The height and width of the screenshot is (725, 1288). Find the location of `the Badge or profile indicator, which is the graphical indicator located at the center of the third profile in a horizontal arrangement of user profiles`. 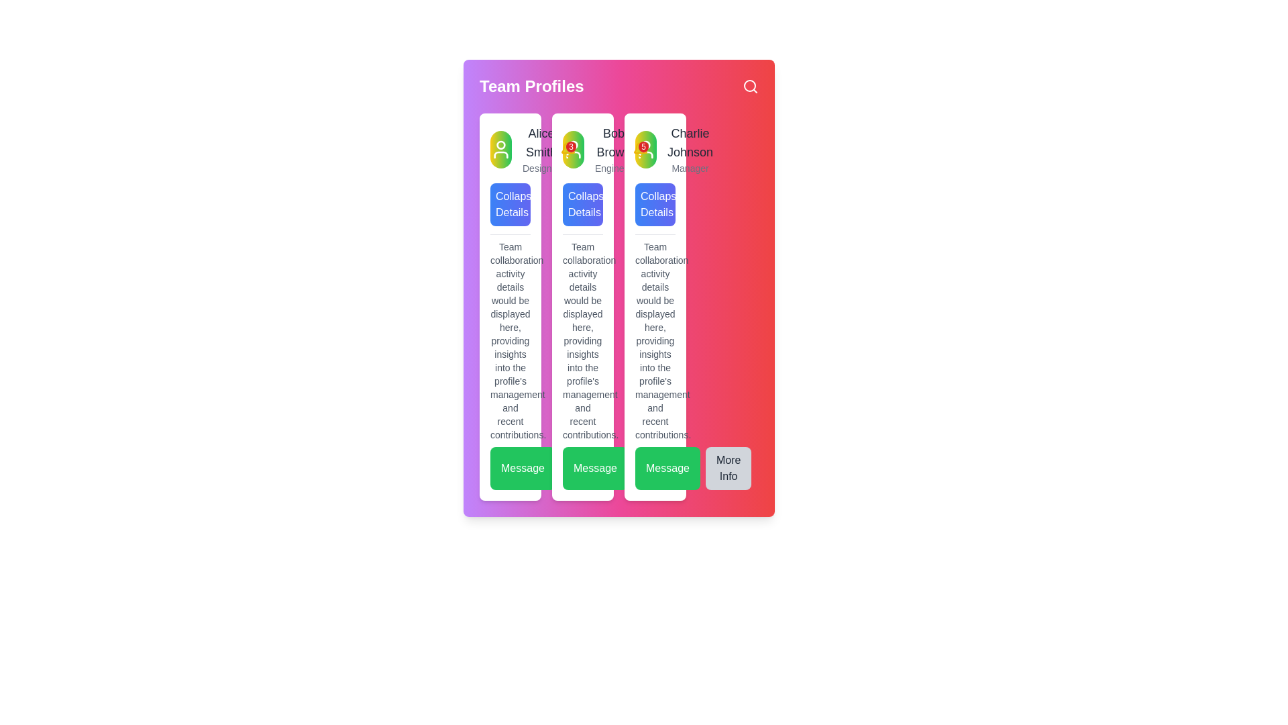

the Badge or profile indicator, which is the graphical indicator located at the center of the third profile in a horizontal arrangement of user profiles is located at coordinates (646, 145).